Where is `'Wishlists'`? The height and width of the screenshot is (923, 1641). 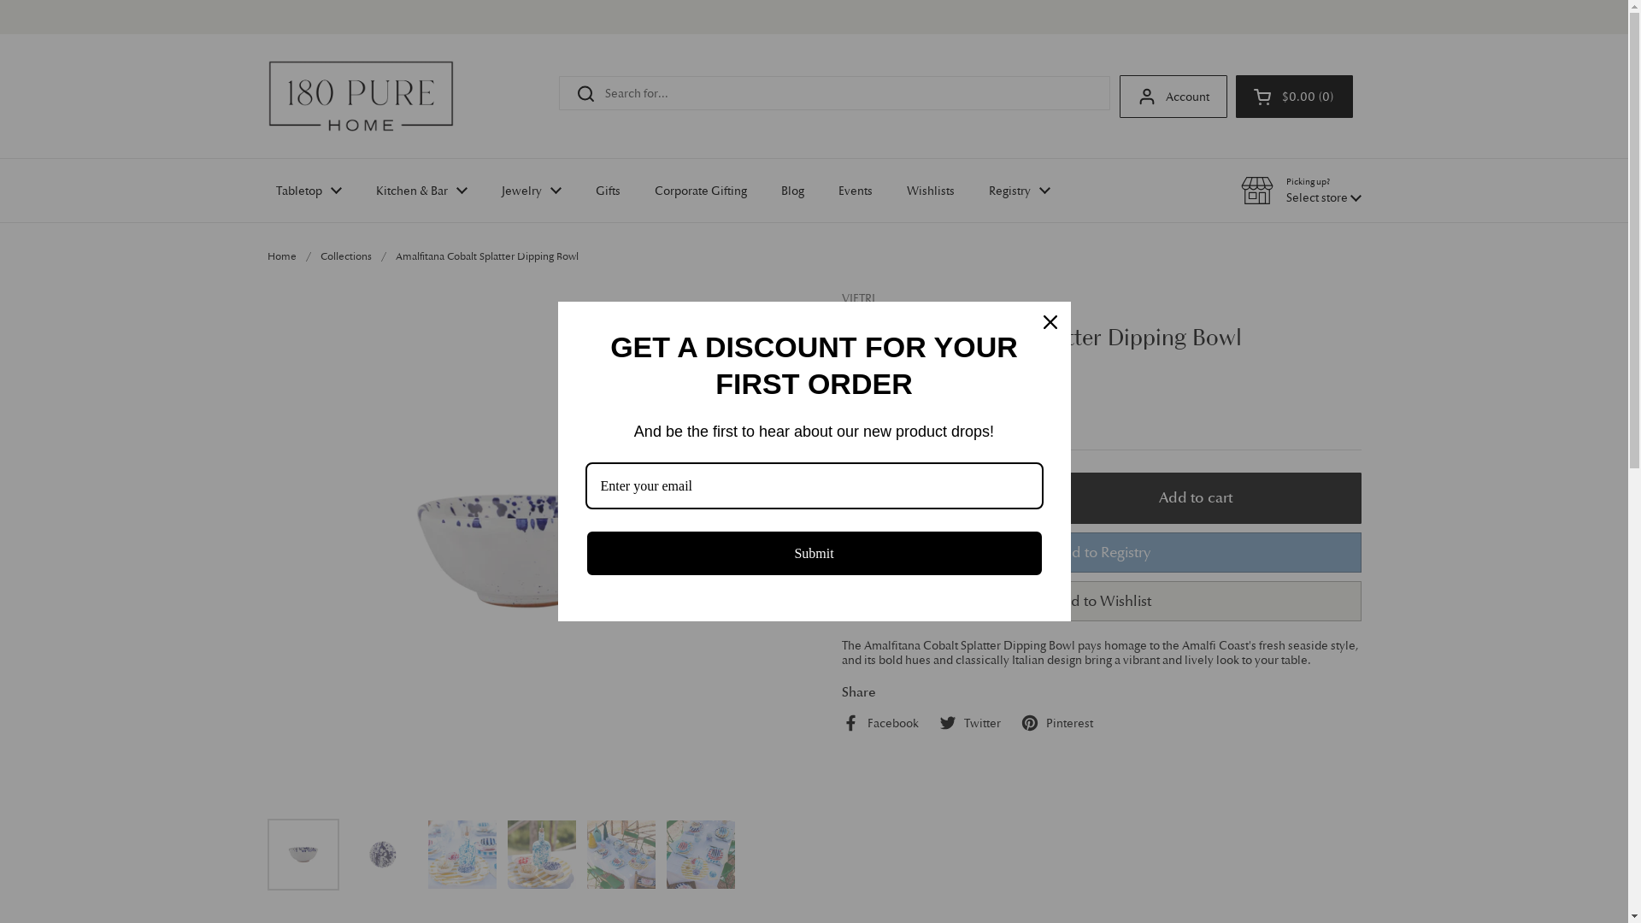
'Wishlists' is located at coordinates (929, 191).